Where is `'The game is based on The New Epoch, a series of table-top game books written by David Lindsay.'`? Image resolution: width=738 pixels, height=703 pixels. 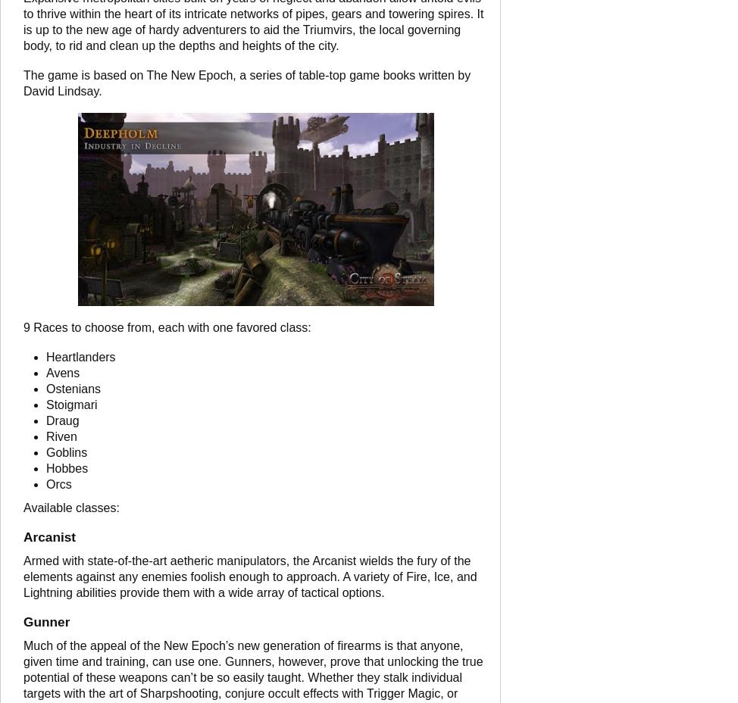
'The game is based on The New Epoch, a series of table-top game books written by David Lindsay.' is located at coordinates (246, 82).